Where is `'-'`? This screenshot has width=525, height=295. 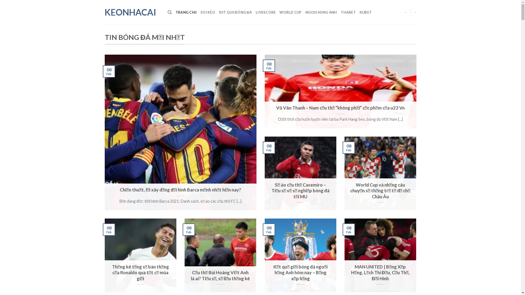
'-' is located at coordinates (406, 12).